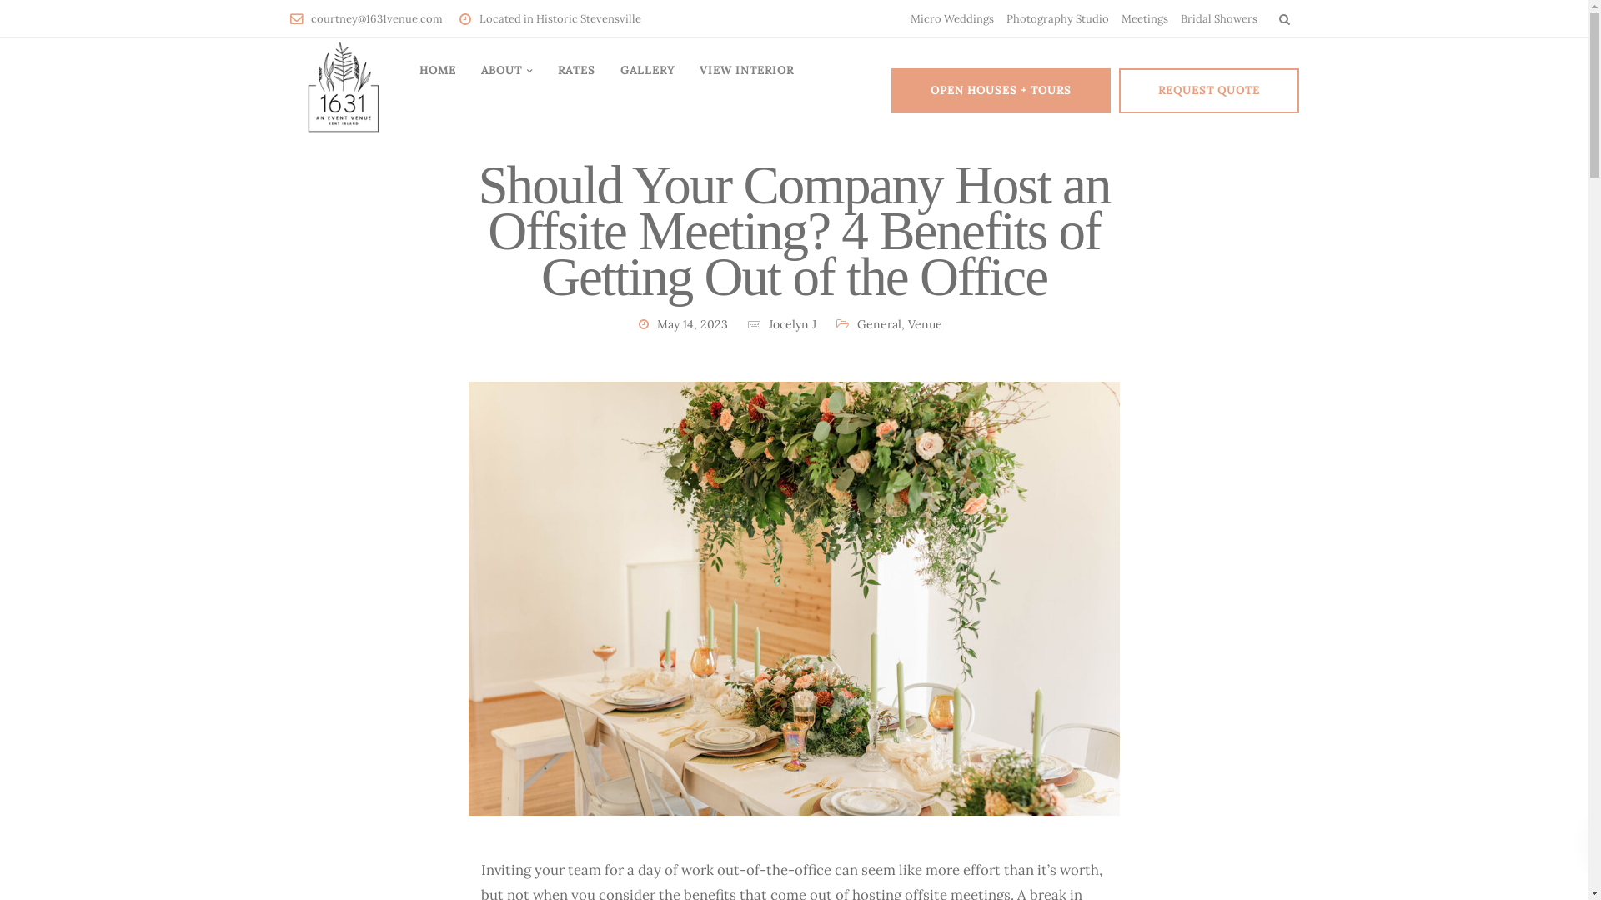 This screenshot has width=1601, height=900. I want to click on 'VIEW INTERIOR', so click(745, 69).